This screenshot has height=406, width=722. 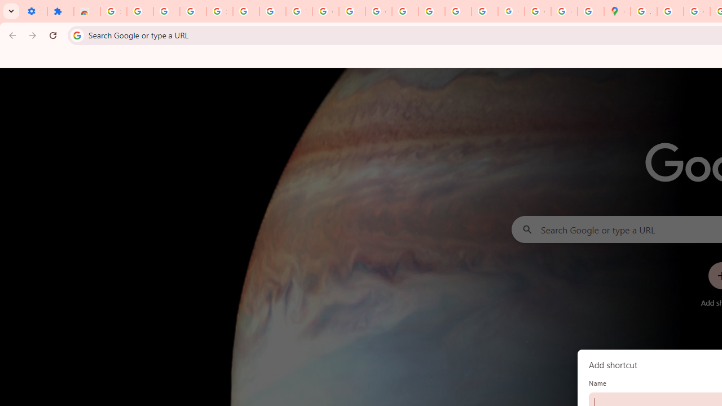 I want to click on 'Extensions', so click(x=60, y=11).